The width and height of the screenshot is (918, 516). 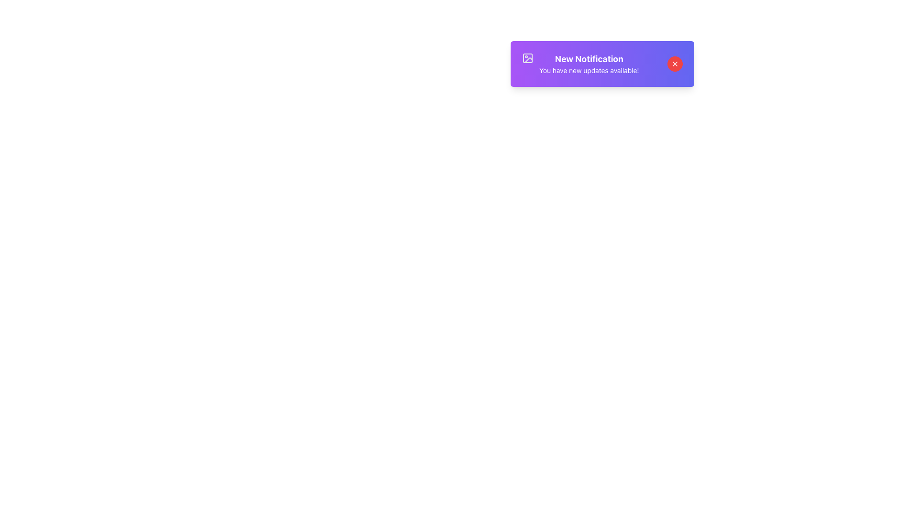 What do you see at coordinates (674, 64) in the screenshot?
I see `the Close Button, which is a white cross icon on a red circular background located in the upper-right corner of the purple notification card next to 'New Notification'` at bounding box center [674, 64].